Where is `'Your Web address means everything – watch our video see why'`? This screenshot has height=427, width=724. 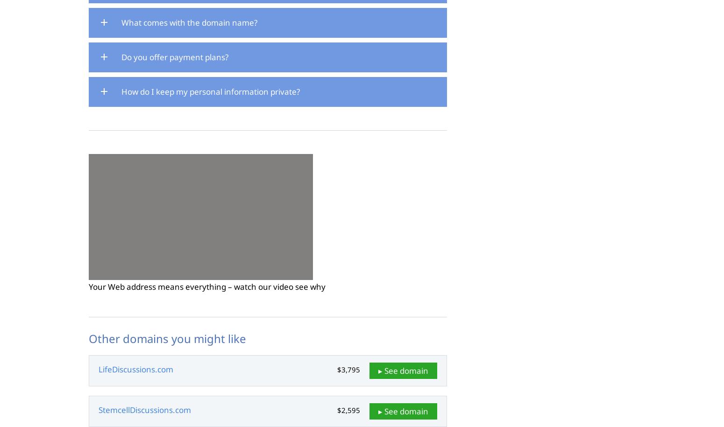
'Your Web address means everything – watch our video see why' is located at coordinates (207, 286).